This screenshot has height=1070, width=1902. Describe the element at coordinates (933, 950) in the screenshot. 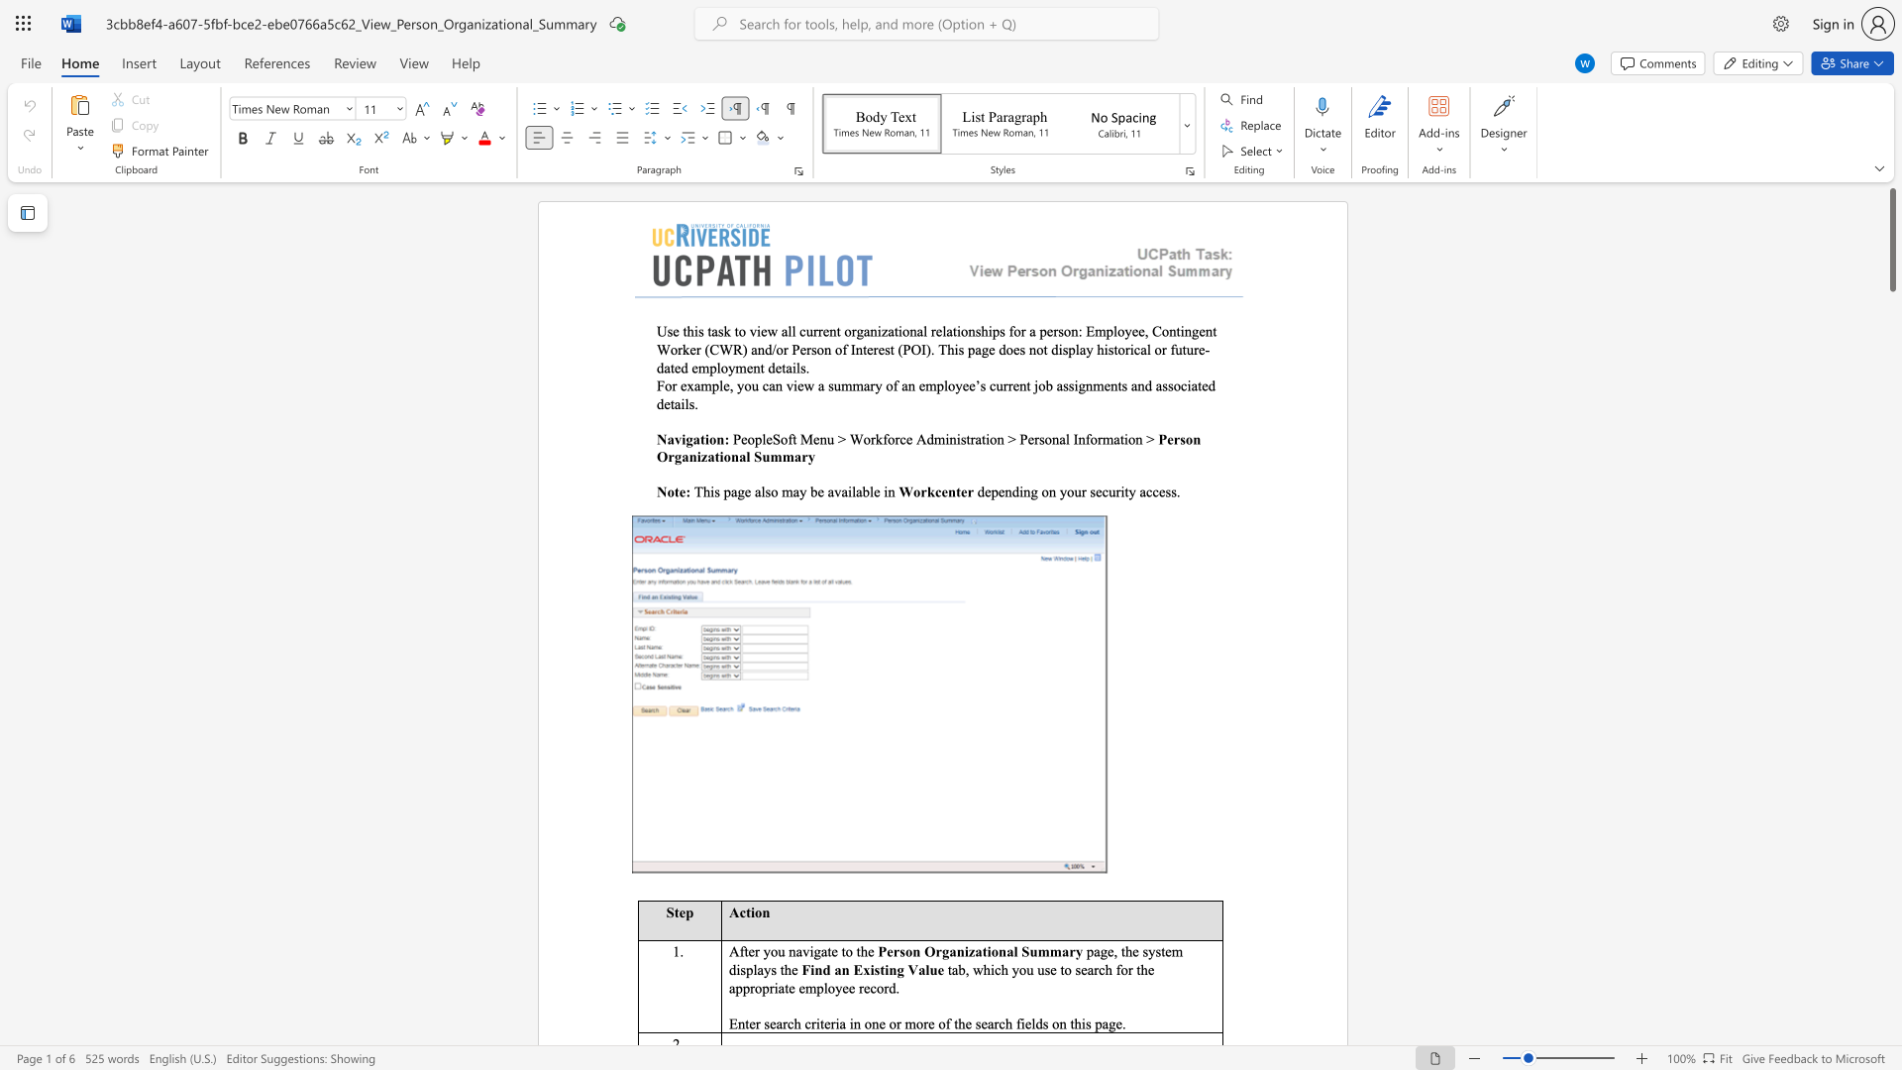

I see `the space between the continuous character "O" and "r" in the text` at that location.